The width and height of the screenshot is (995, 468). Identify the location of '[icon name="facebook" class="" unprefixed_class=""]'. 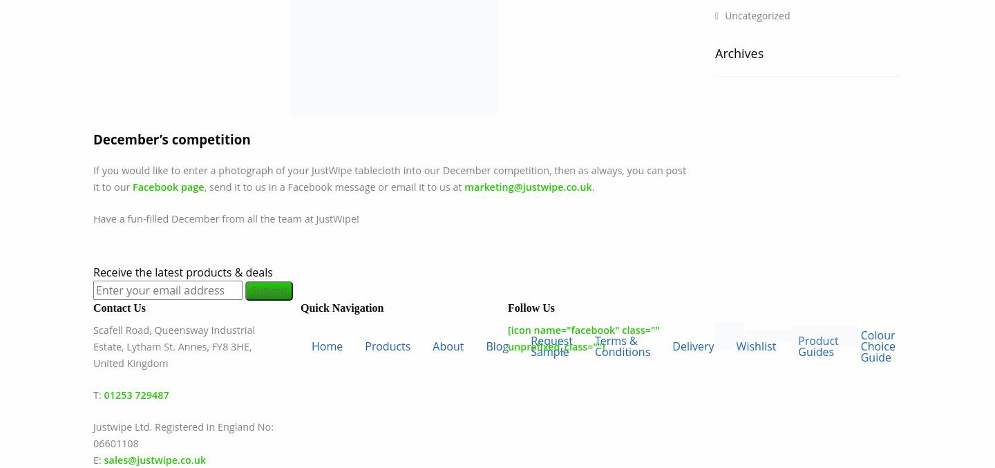
(582, 337).